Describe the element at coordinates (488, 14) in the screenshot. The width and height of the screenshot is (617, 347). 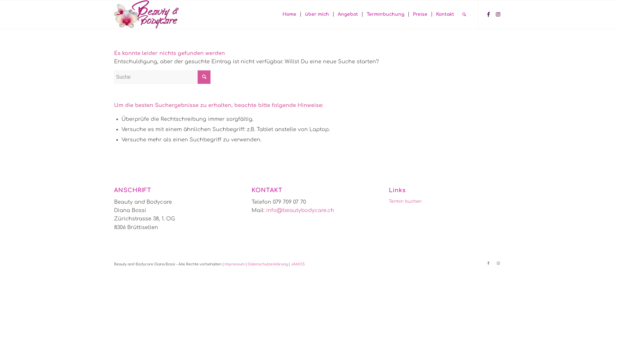
I see `'Facebook'` at that location.